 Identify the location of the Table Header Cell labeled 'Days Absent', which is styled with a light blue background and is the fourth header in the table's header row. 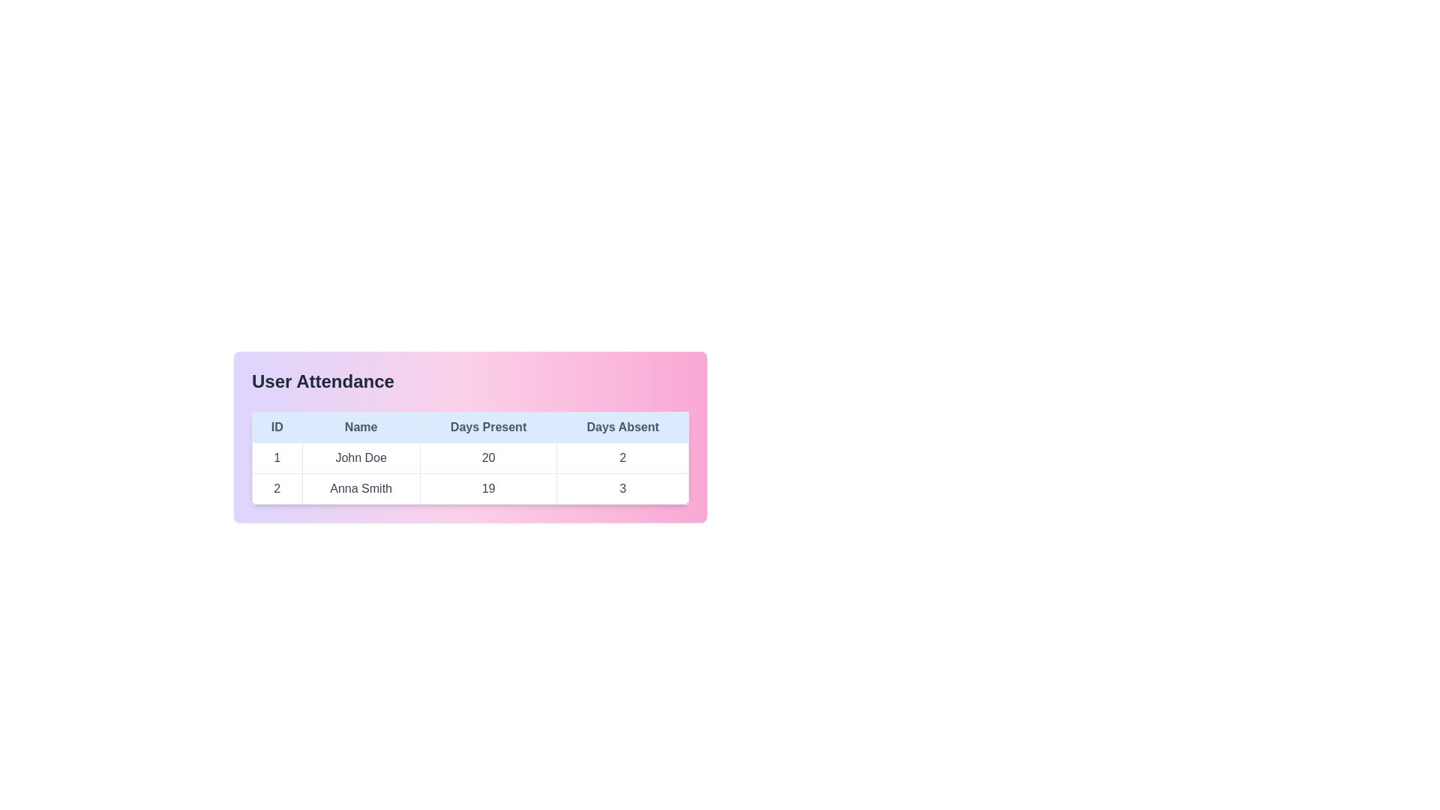
(622, 427).